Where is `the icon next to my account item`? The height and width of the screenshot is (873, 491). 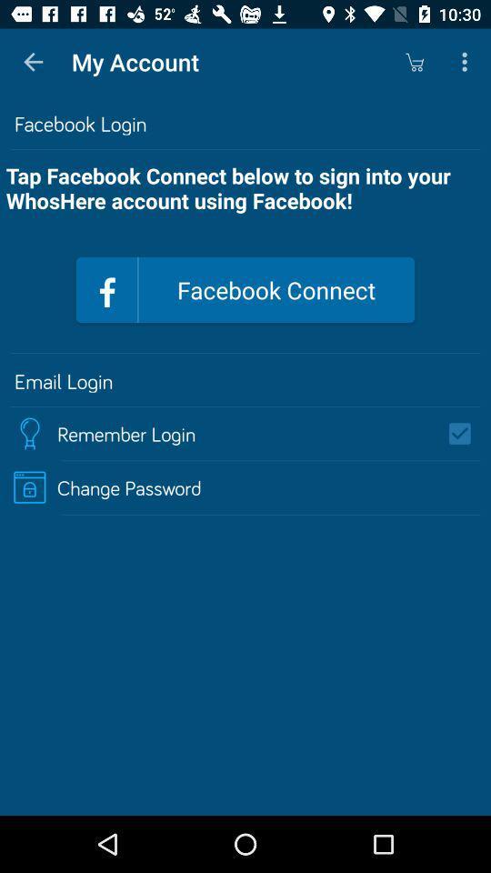
the icon next to my account item is located at coordinates (414, 62).